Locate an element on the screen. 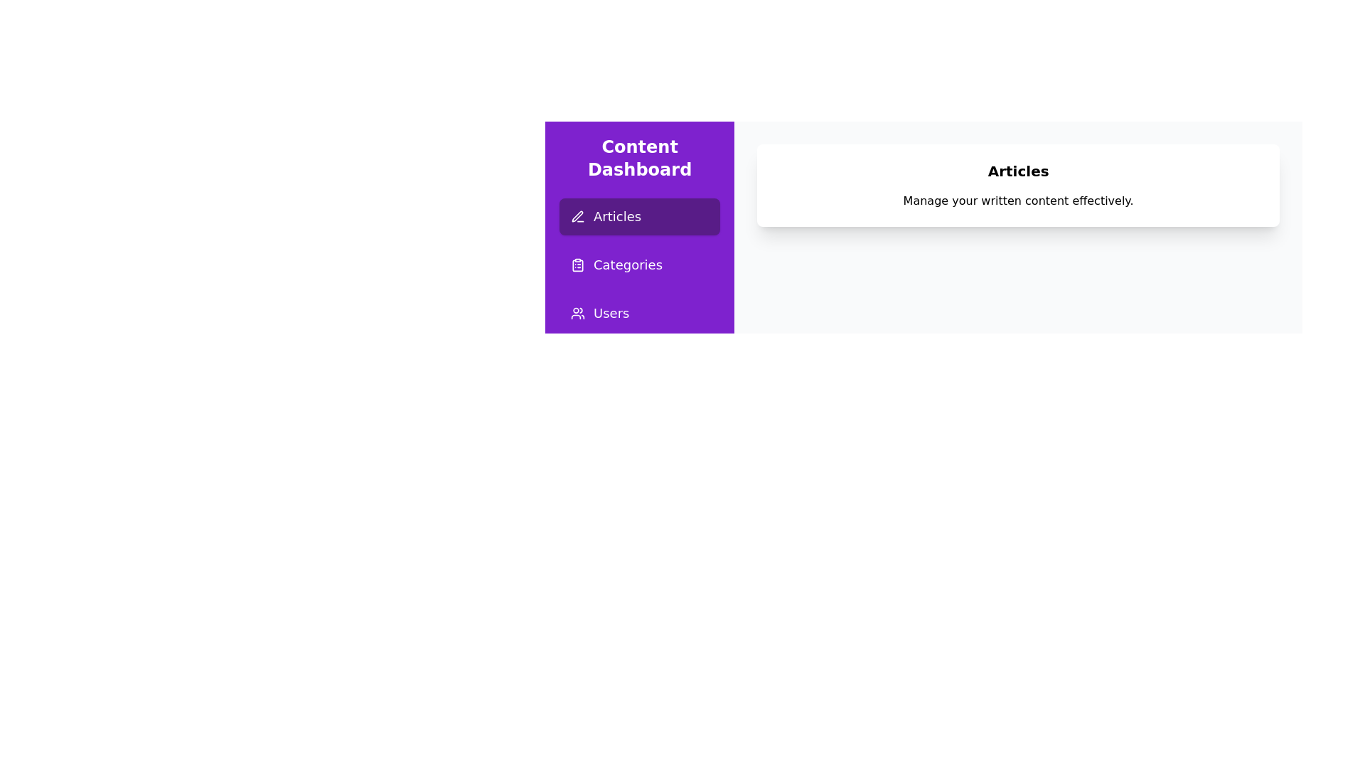 Image resolution: width=1365 pixels, height=768 pixels. the sidebar button for the page Categories is located at coordinates (639, 265).